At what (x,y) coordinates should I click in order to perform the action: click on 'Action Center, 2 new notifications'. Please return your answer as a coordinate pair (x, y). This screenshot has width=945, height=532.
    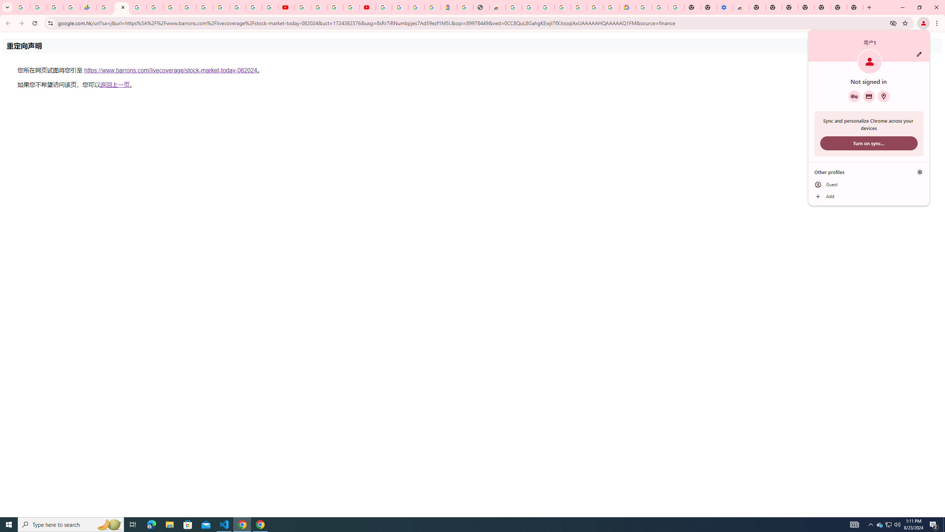
    Looking at the image, I should click on (934, 524).